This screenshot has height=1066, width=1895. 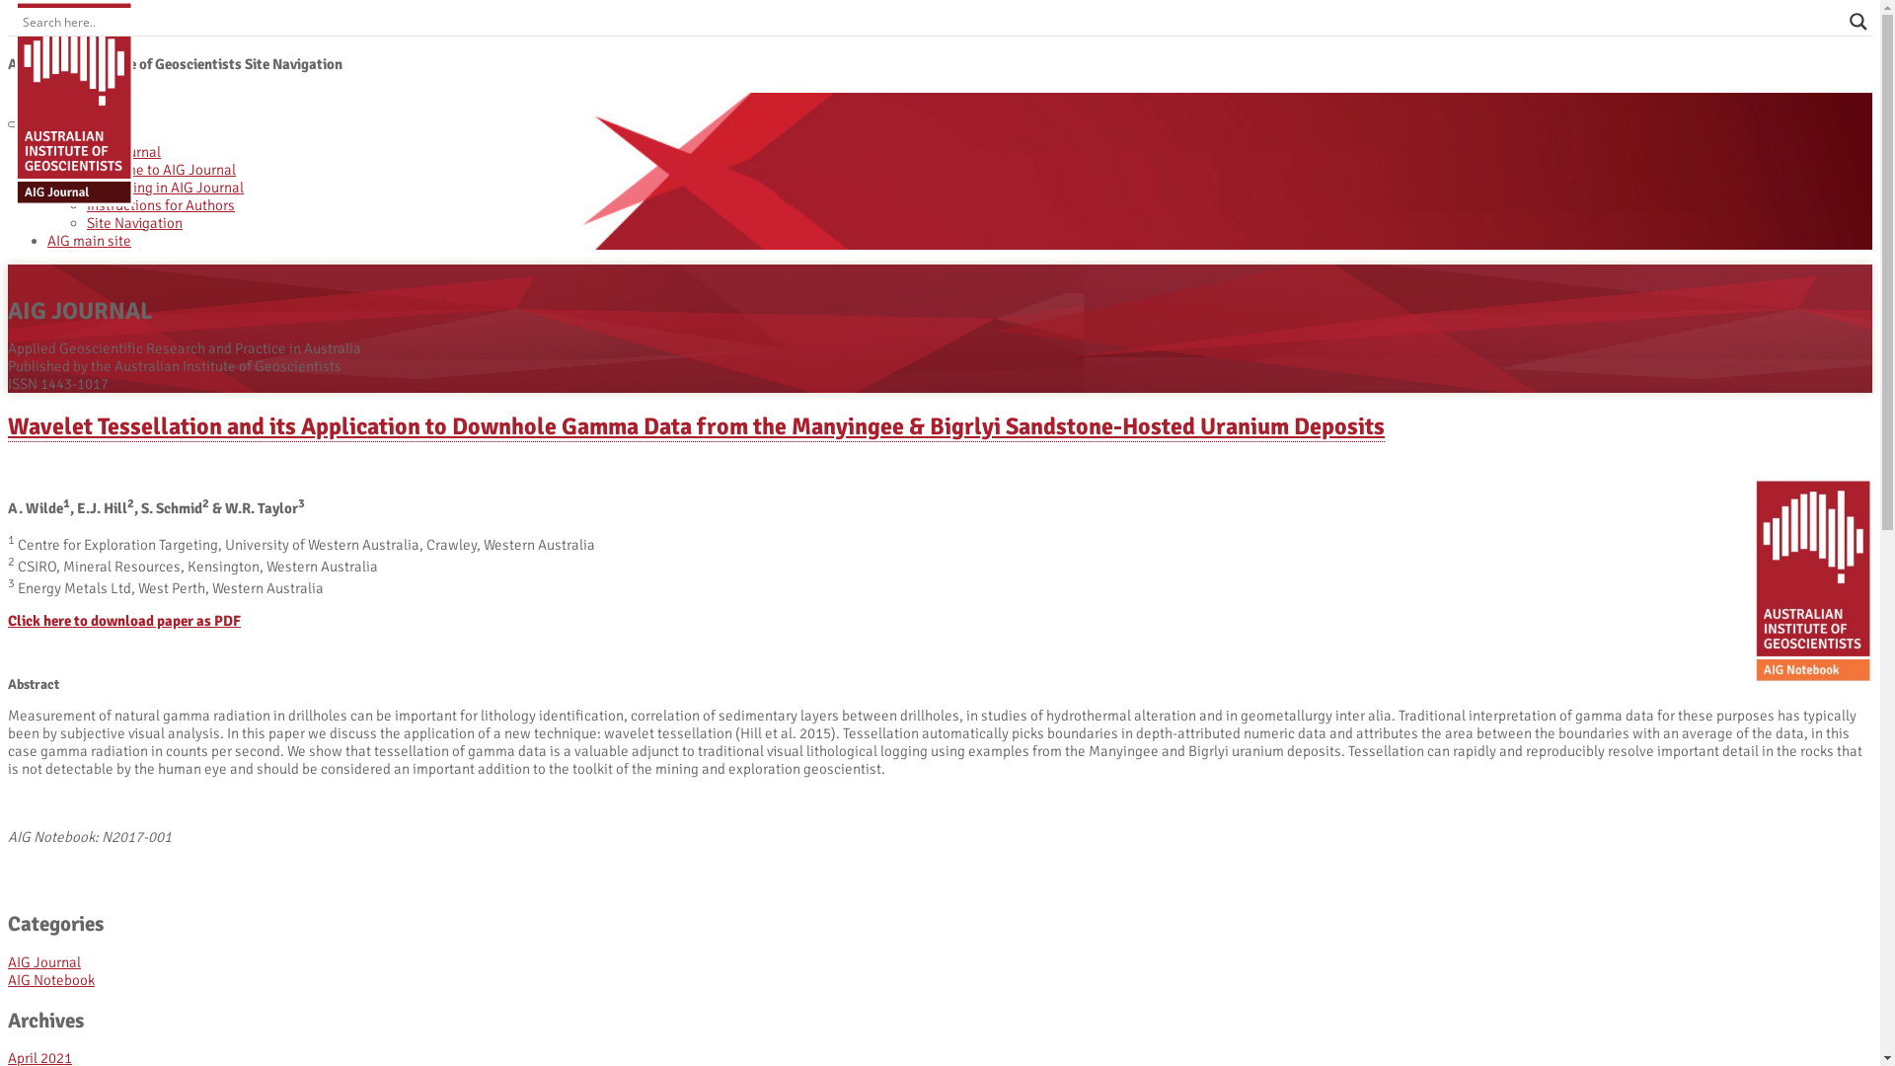 I want to click on 'AIG Notebook', so click(x=51, y=979).